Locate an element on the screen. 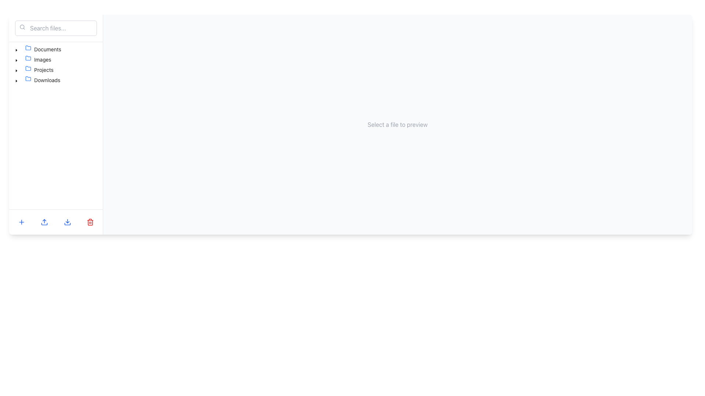  the 'Documents' folder in the left-hand panel is located at coordinates (37, 49).